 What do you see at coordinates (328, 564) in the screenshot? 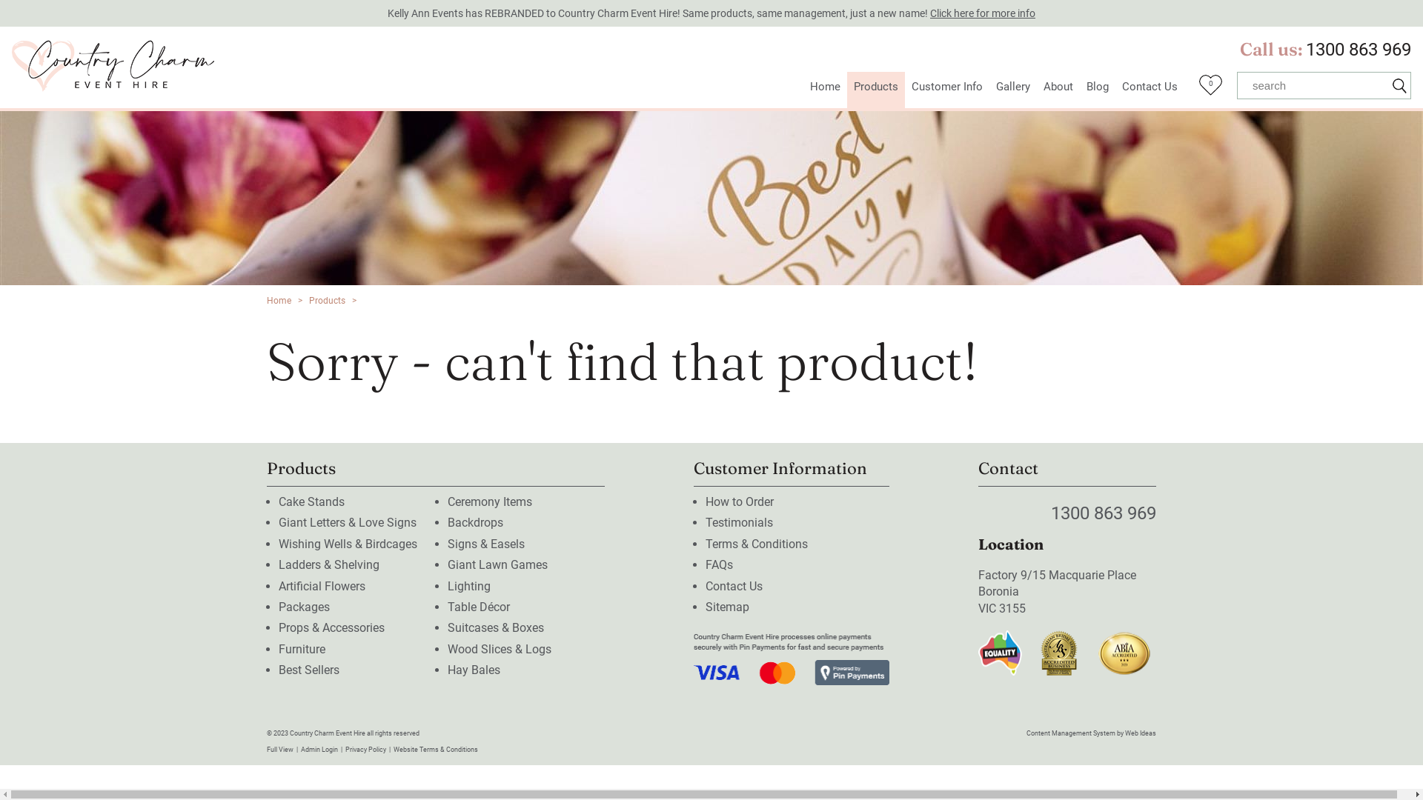
I see `'Ladders & Shelving'` at bounding box center [328, 564].